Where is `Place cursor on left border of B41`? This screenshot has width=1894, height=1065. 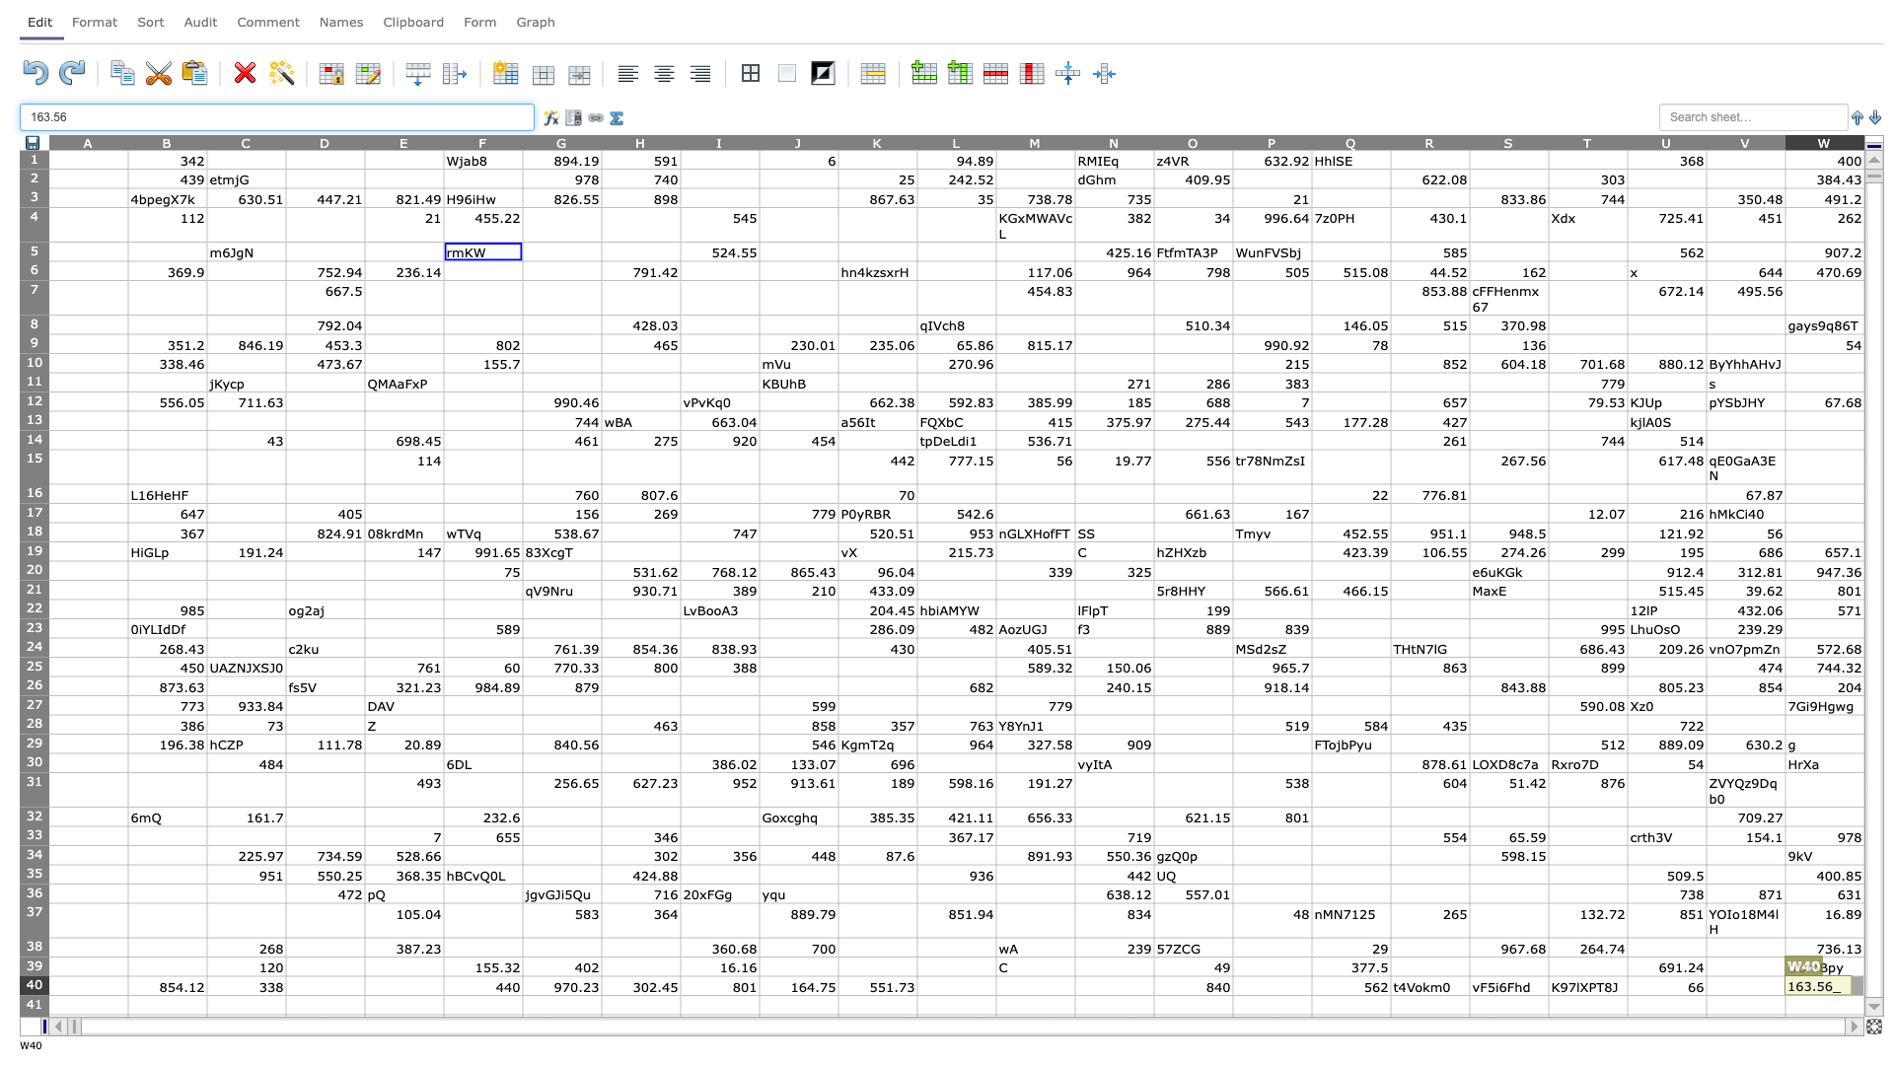 Place cursor on left border of B41 is located at coordinates (126, 1005).